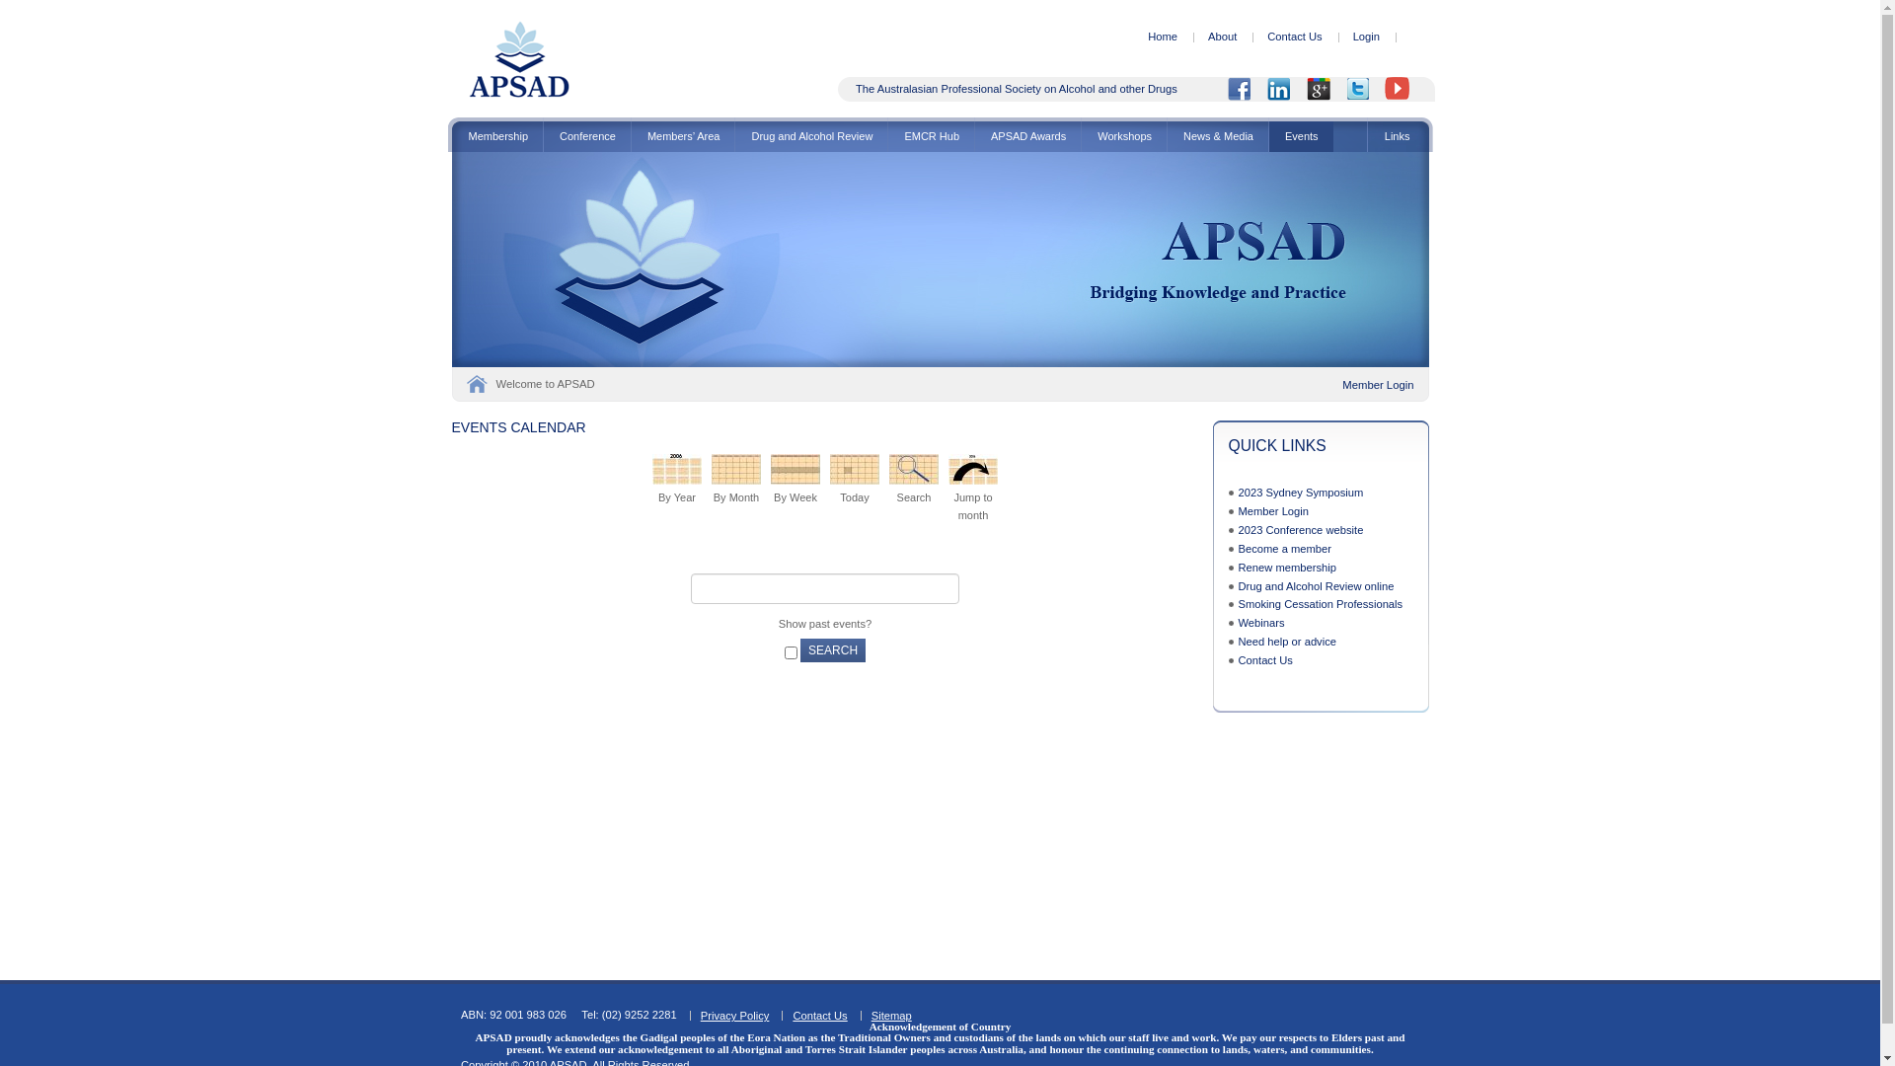 The width and height of the screenshot is (1895, 1066). I want to click on 'By Year', so click(677, 469).